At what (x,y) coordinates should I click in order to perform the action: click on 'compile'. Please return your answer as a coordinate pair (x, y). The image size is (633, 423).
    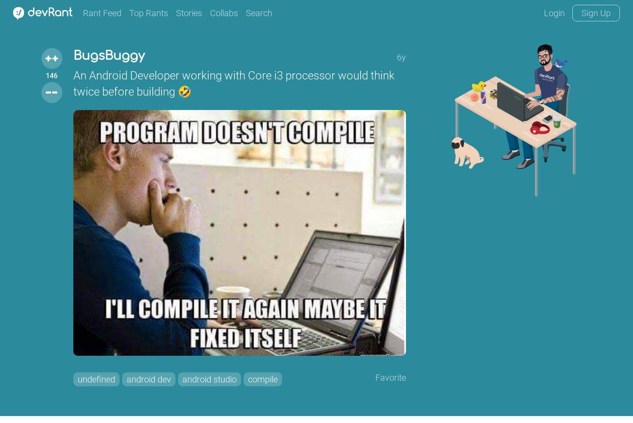
    Looking at the image, I should click on (262, 378).